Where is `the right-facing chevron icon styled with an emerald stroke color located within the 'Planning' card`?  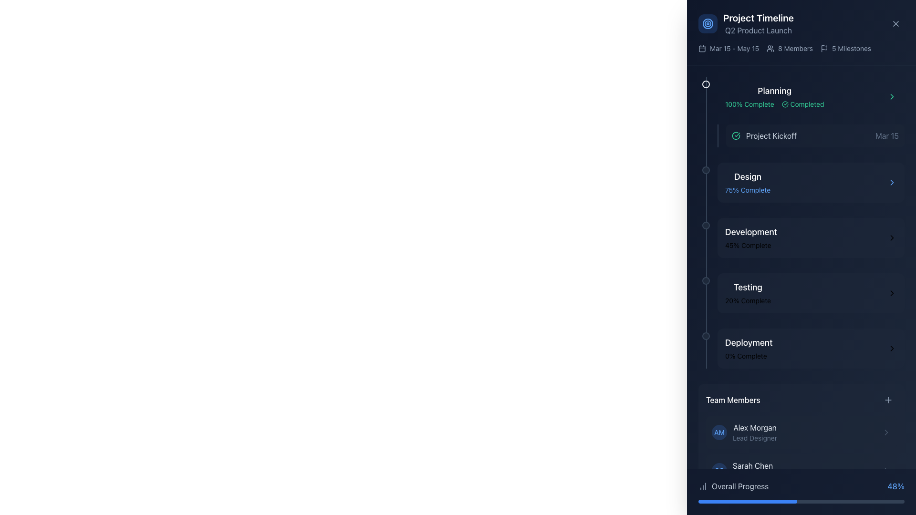 the right-facing chevron icon styled with an emerald stroke color located within the 'Planning' card is located at coordinates (892, 97).